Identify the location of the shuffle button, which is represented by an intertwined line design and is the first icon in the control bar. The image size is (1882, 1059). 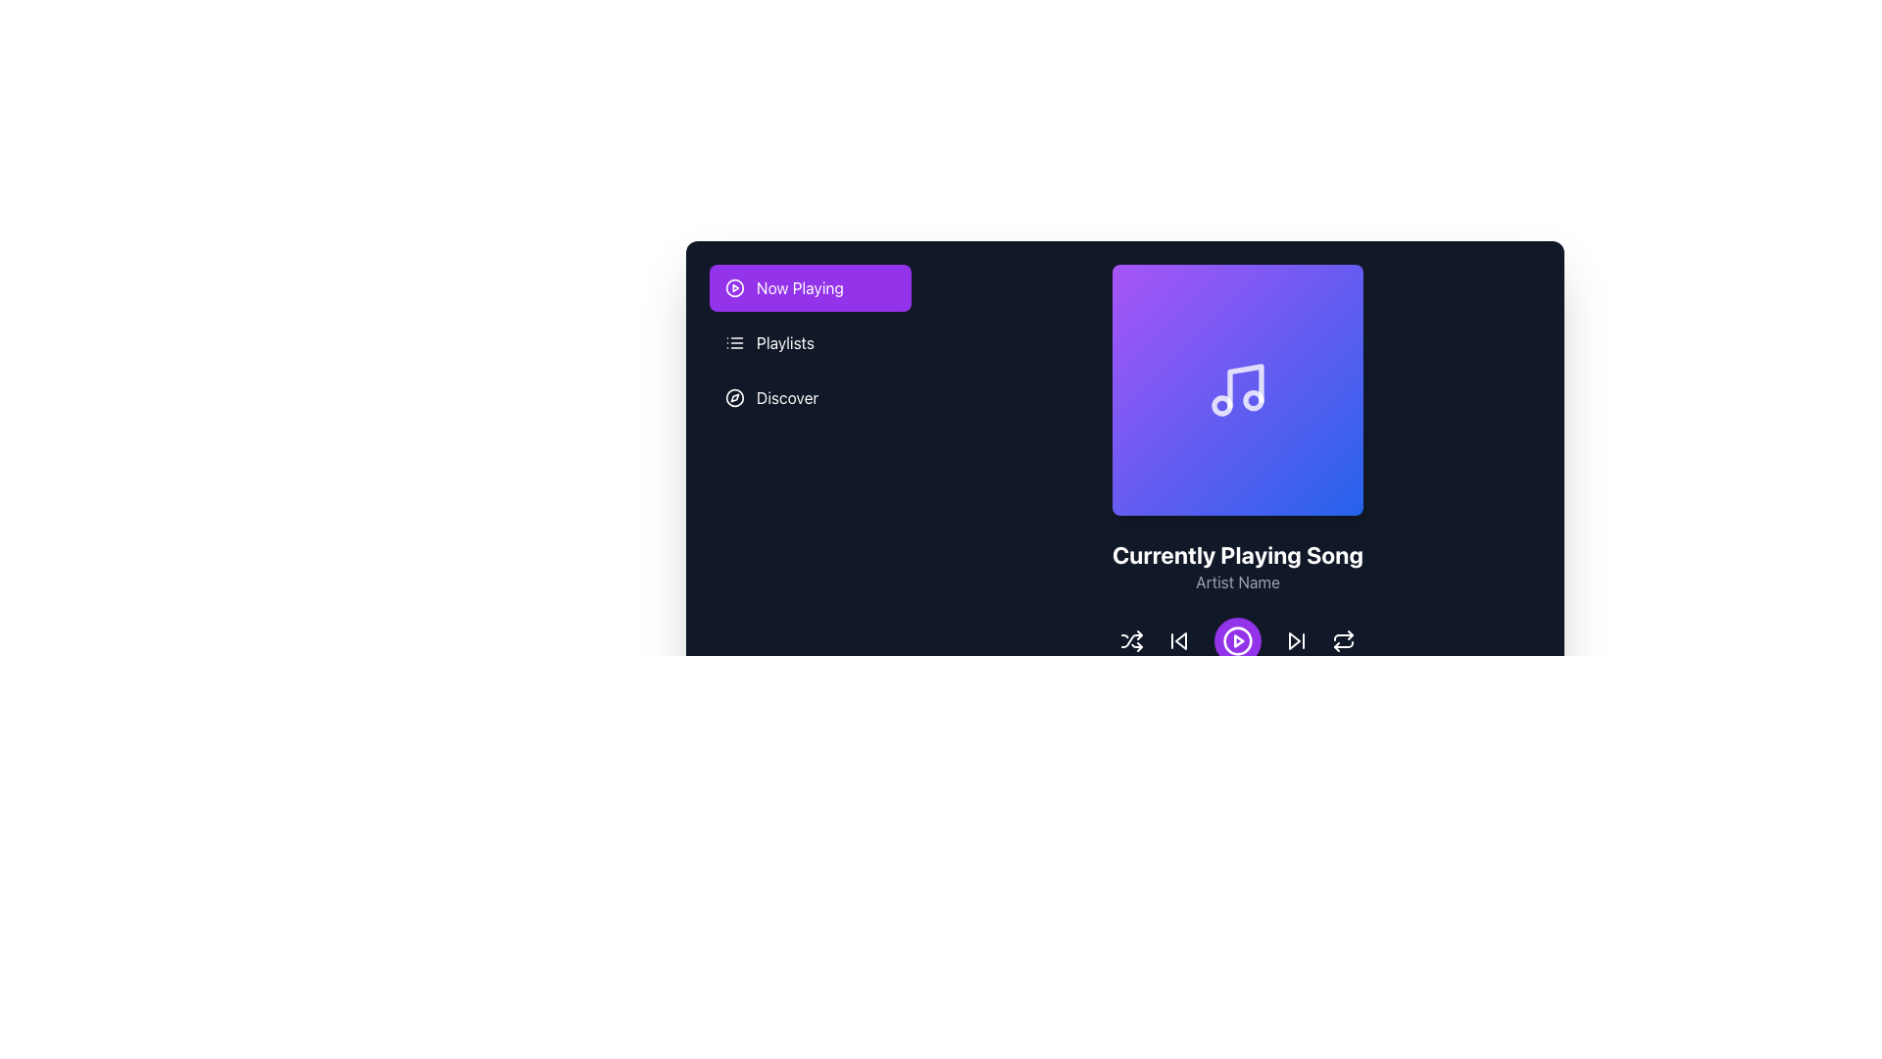
(1132, 641).